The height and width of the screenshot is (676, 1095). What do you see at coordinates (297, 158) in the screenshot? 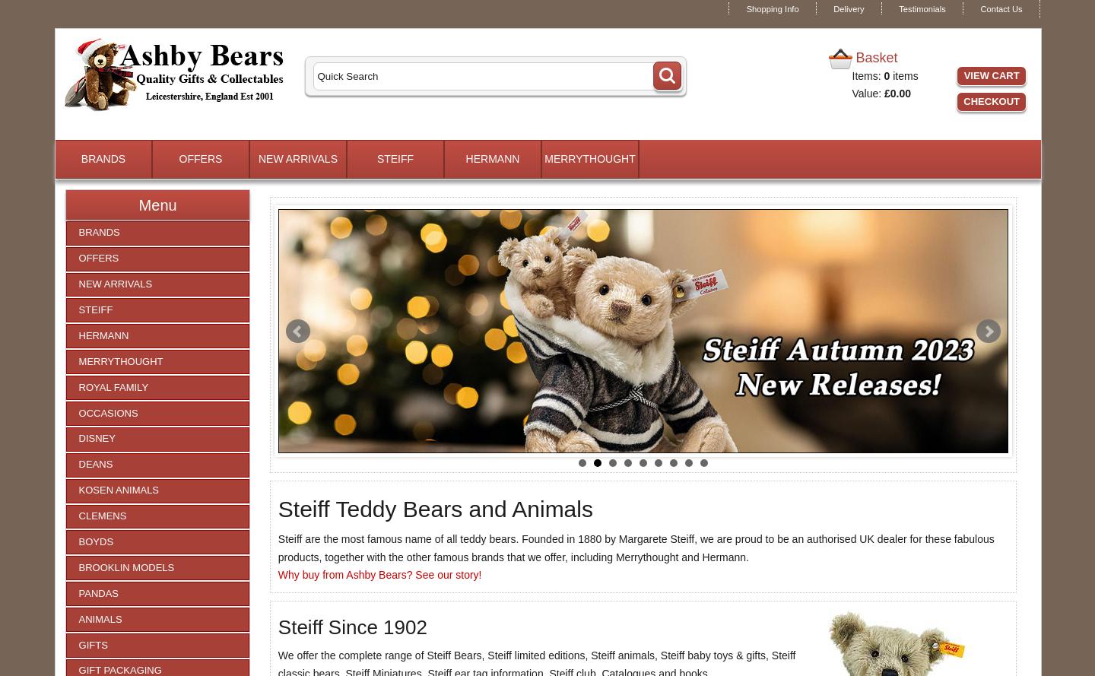
I see `'NEW ARRIVALS'` at bounding box center [297, 158].